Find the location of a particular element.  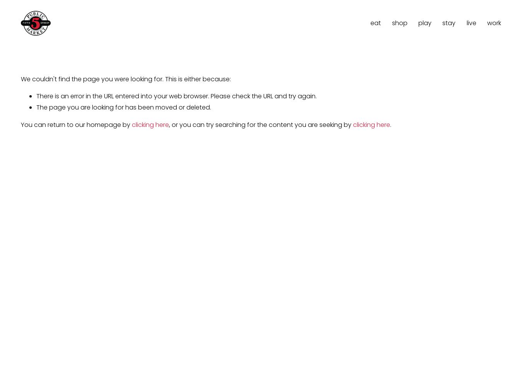

'play' is located at coordinates (424, 22).